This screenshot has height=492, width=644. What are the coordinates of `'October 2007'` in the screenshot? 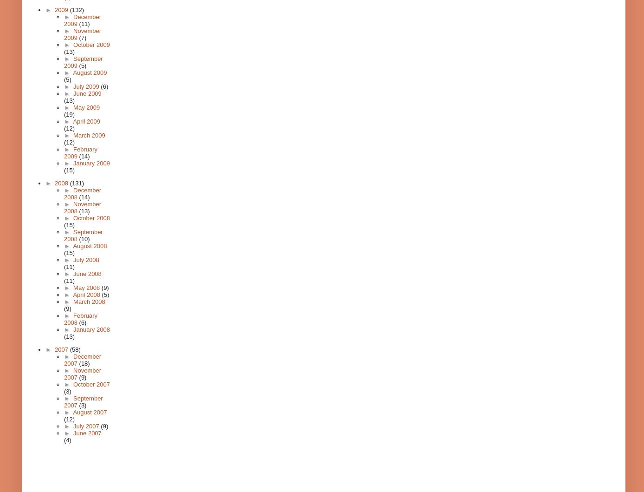 It's located at (90, 384).